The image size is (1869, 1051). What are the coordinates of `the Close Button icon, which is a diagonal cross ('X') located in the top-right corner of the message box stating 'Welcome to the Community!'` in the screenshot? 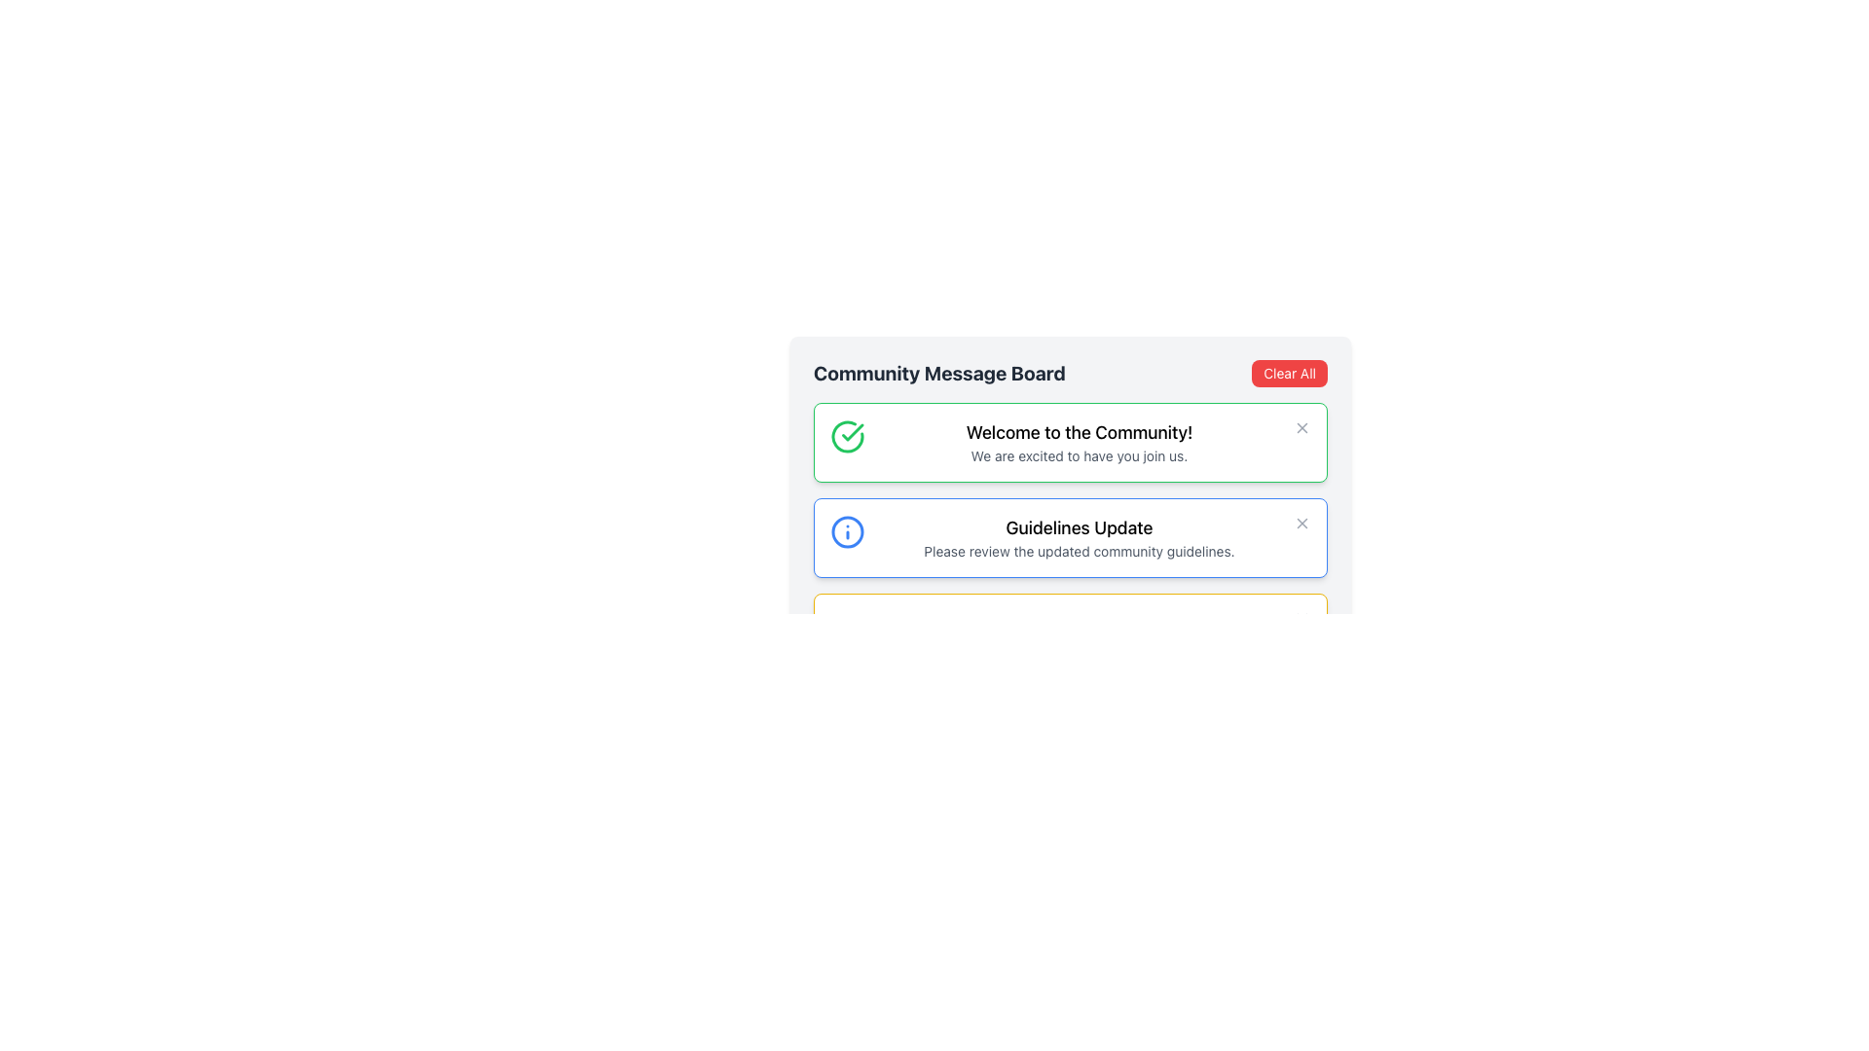 It's located at (1302, 522).